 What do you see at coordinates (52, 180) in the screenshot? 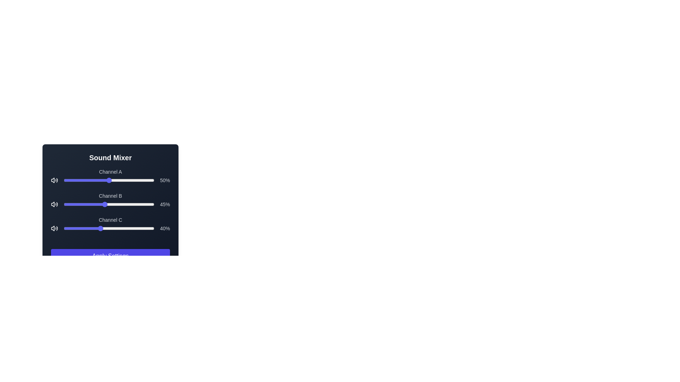
I see `the muted sound icon for 'Channel A' located in the top-left part of the 'Sound Mixer' interface` at bounding box center [52, 180].